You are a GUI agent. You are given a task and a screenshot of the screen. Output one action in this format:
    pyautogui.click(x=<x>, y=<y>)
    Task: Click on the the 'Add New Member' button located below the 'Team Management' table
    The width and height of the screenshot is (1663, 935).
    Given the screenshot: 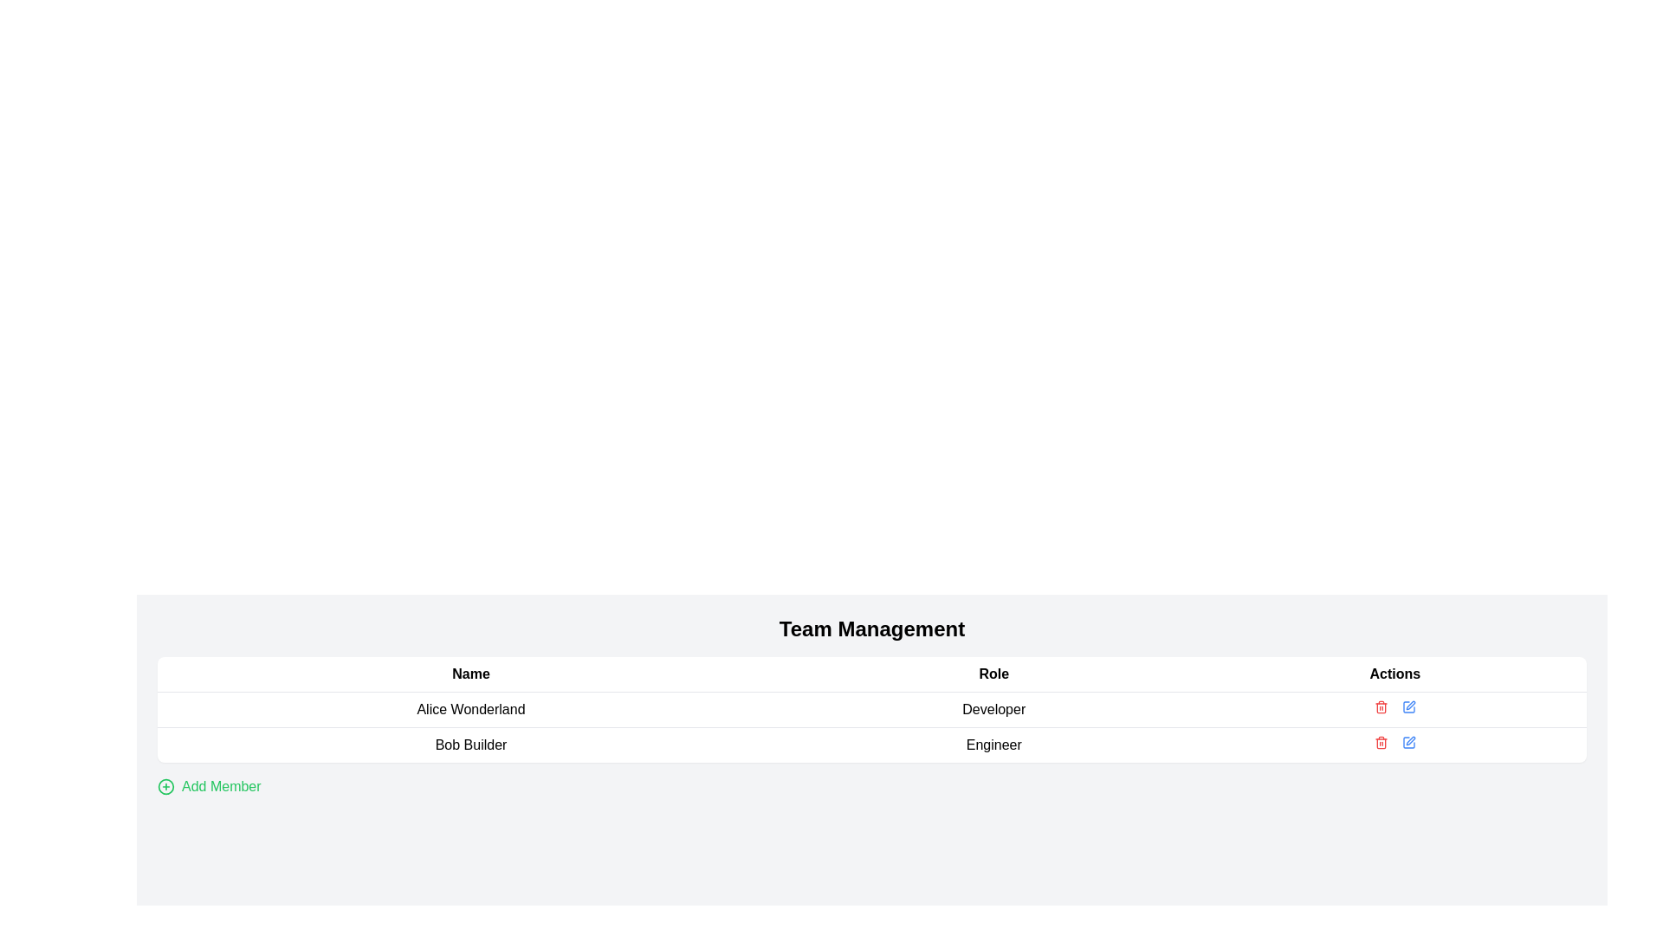 What is the action you would take?
    pyautogui.click(x=208, y=787)
    